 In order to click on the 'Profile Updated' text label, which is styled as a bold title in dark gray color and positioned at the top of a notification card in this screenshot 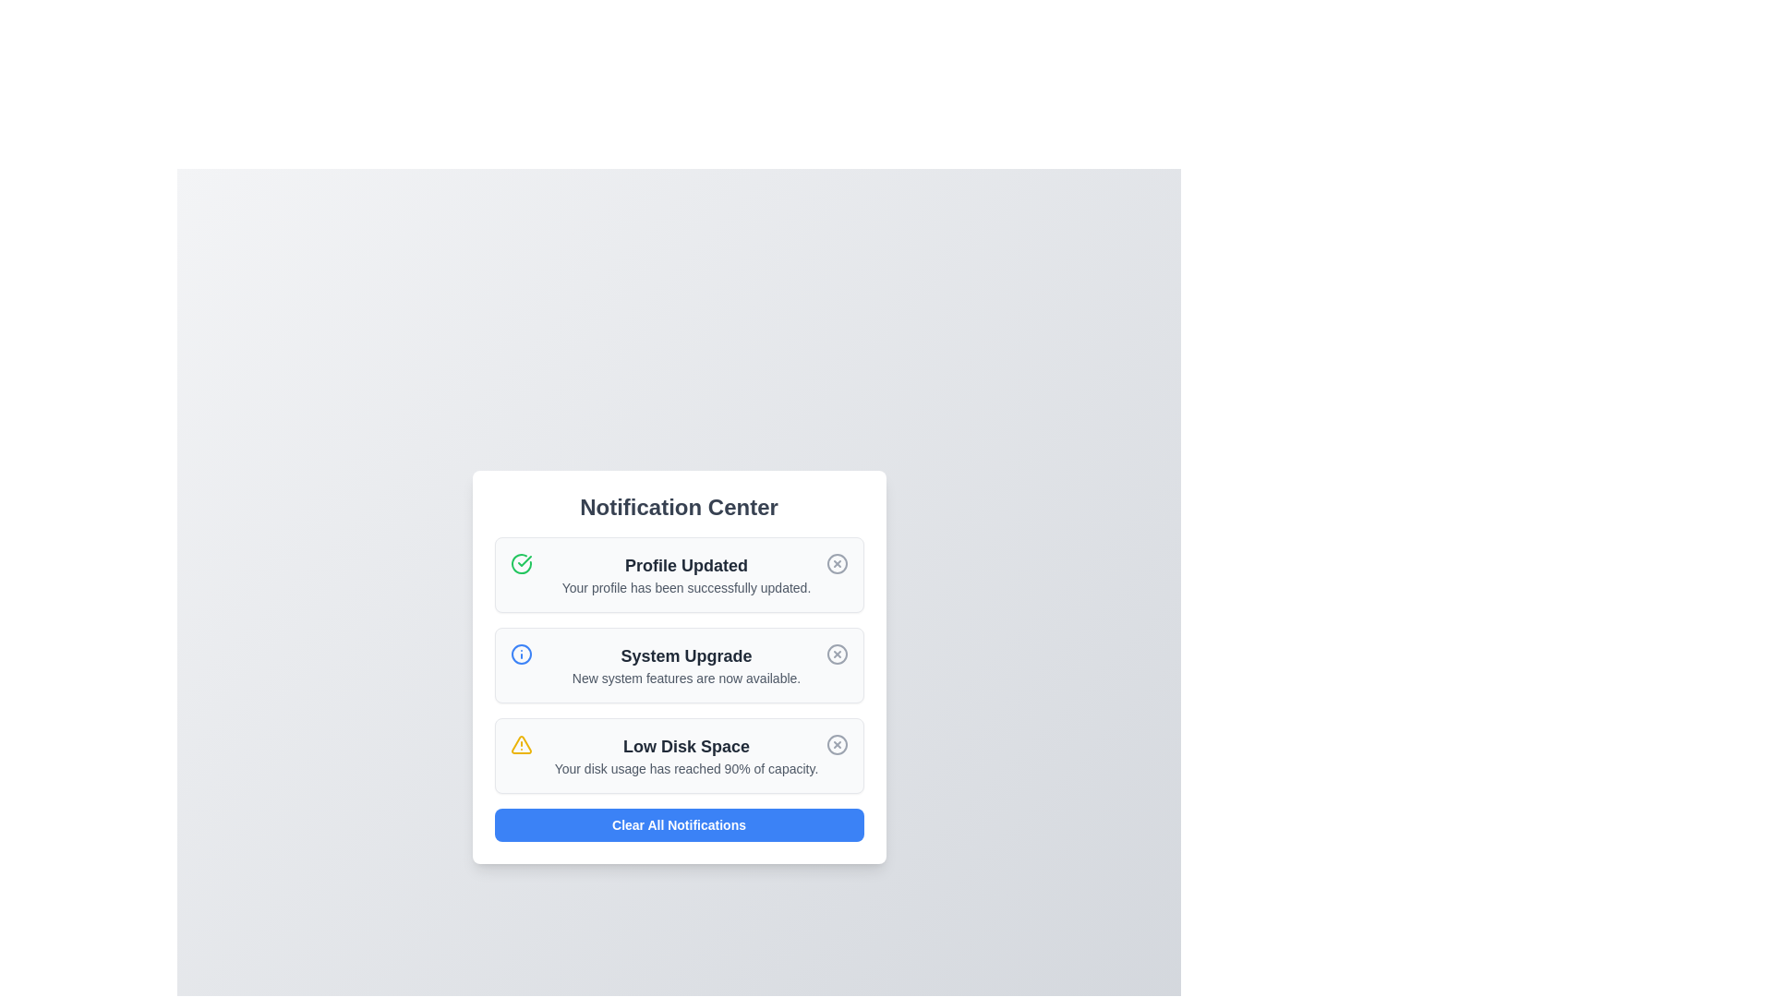, I will do `click(685, 565)`.